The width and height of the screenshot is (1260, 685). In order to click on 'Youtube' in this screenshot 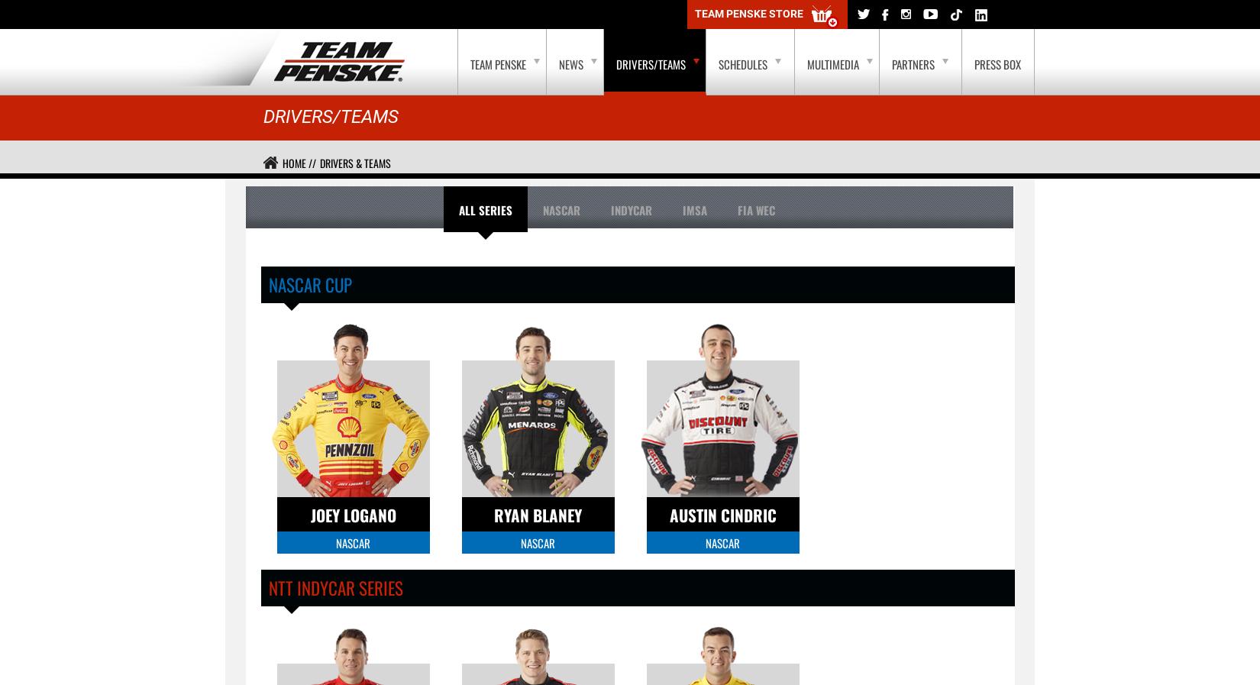, I will do `click(160, 14)`.